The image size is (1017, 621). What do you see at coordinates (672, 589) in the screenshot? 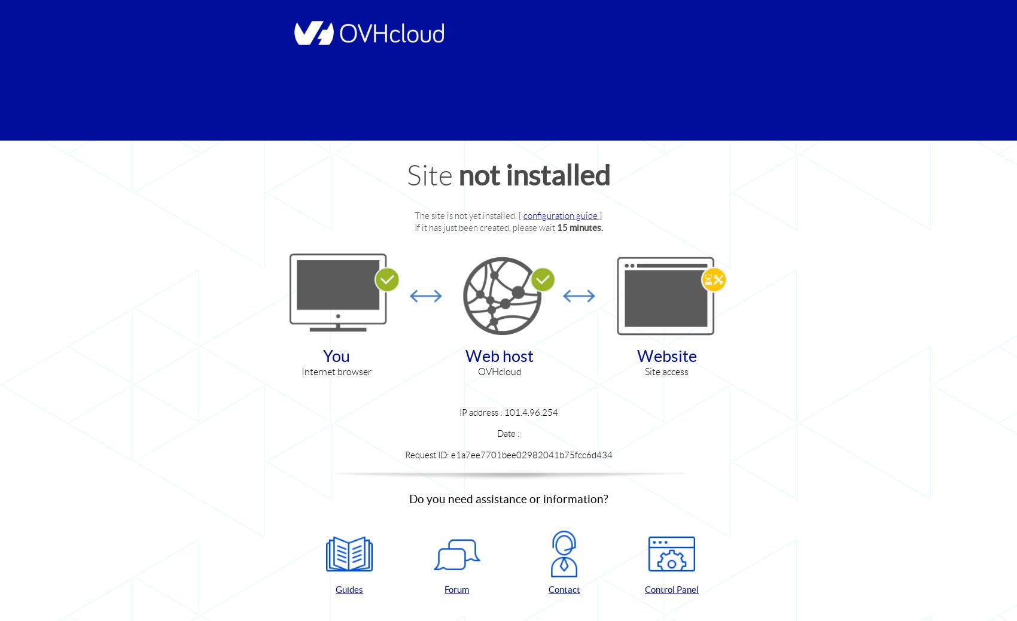
I see `'Control Panel'` at bounding box center [672, 589].